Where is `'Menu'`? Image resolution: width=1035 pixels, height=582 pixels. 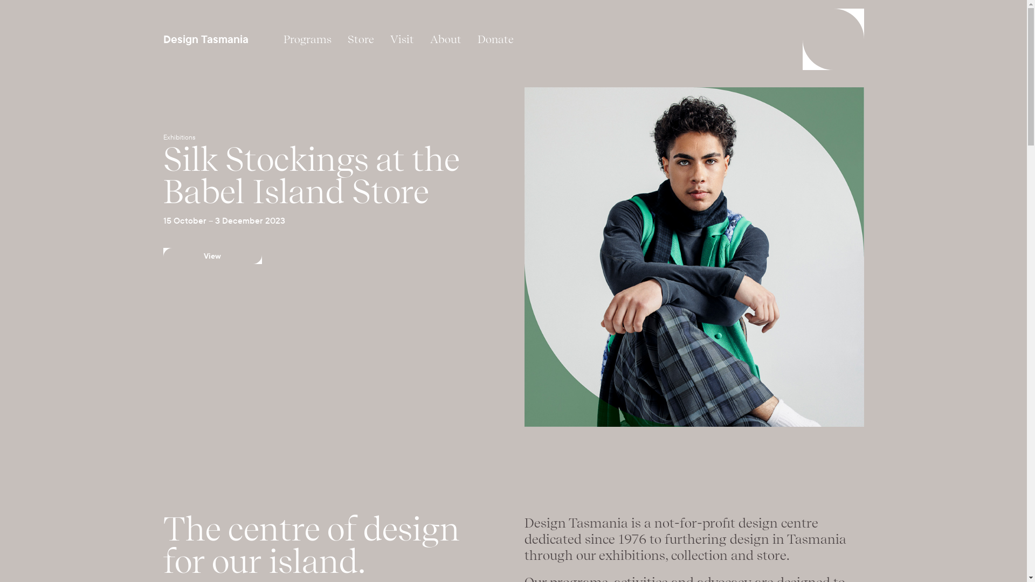 'Menu' is located at coordinates (832, 39).